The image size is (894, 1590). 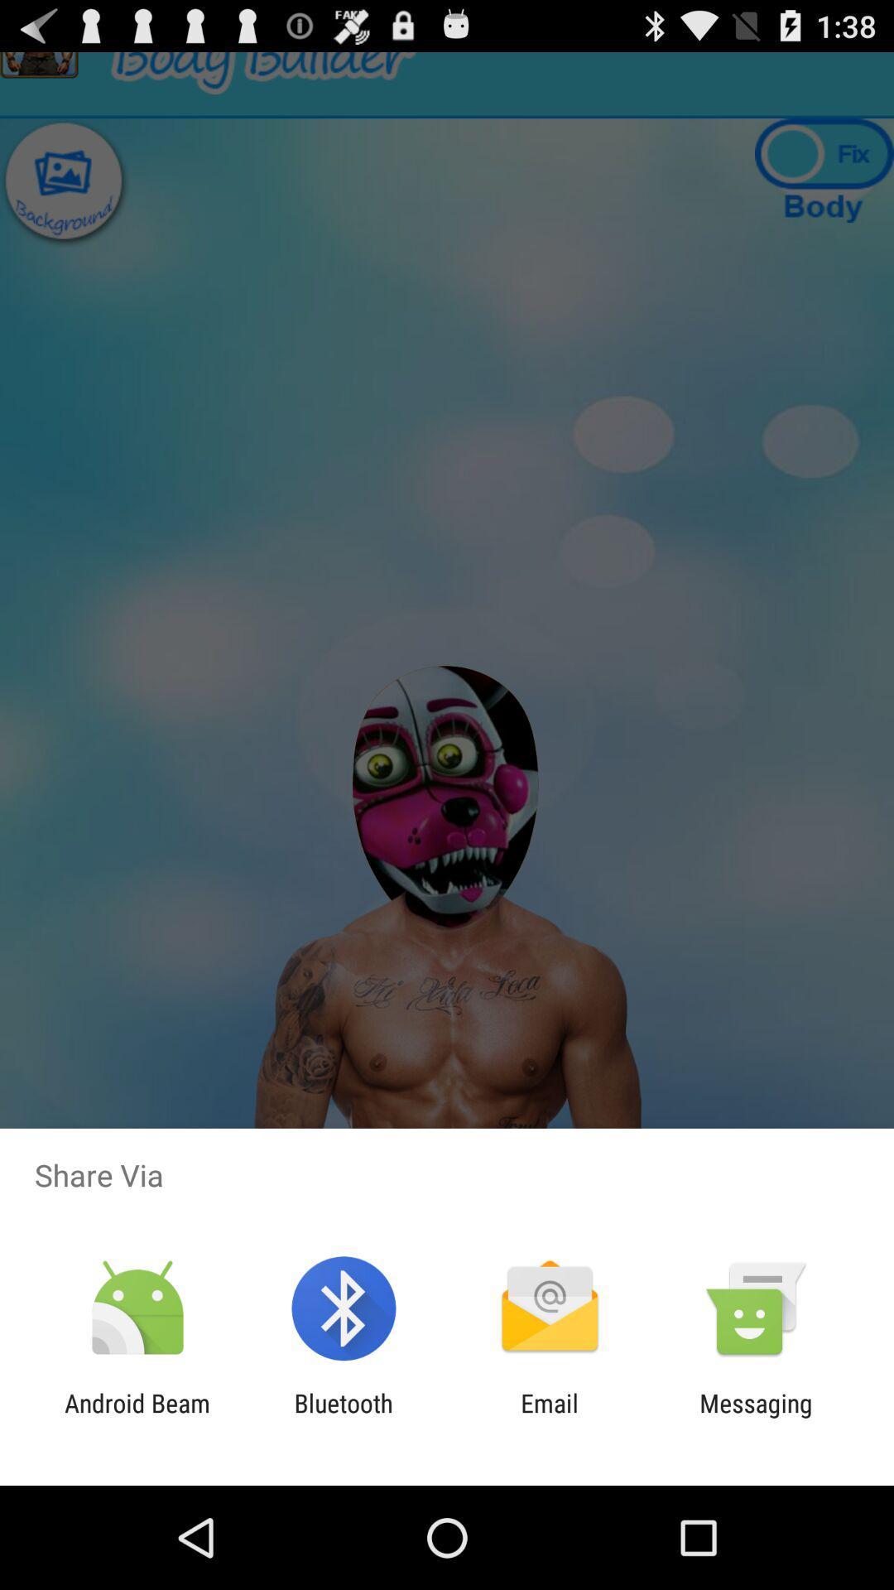 What do you see at coordinates (343, 1417) in the screenshot?
I see `the bluetooth app` at bounding box center [343, 1417].